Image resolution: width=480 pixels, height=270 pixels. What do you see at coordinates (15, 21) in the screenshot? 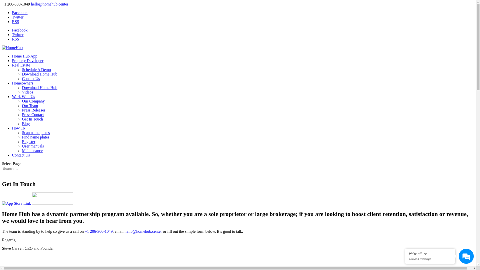
I see `'RSS'` at bounding box center [15, 21].